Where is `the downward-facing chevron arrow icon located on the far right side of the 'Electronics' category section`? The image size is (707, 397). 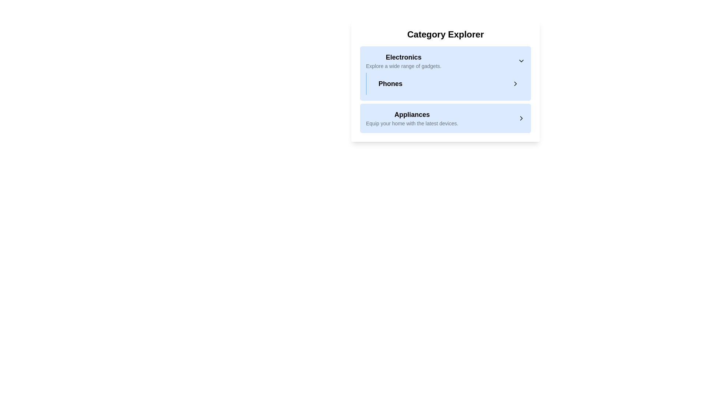 the downward-facing chevron arrow icon located on the far right side of the 'Electronics' category section is located at coordinates (521, 60).